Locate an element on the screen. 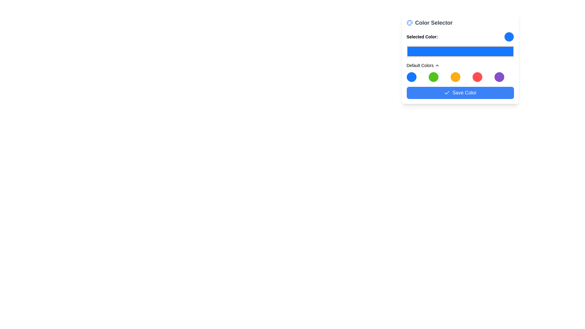 The image size is (585, 329). the 'Color Selector' interface which includes a header, color display, and palette of color options by moving the cursor to its center point is located at coordinates (460, 58).